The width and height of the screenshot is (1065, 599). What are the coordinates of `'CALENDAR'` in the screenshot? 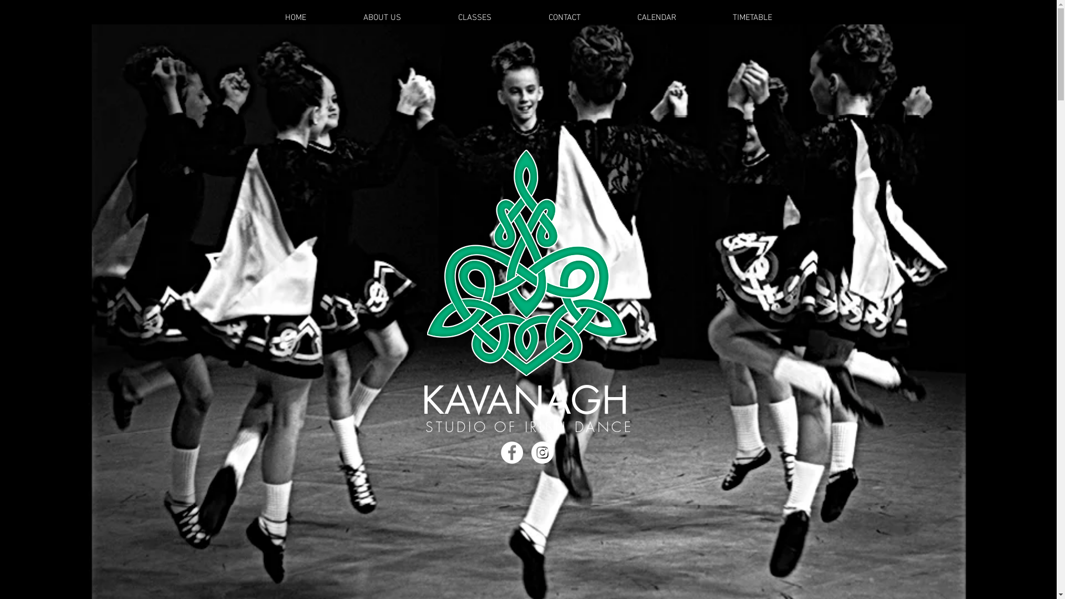 It's located at (657, 17).